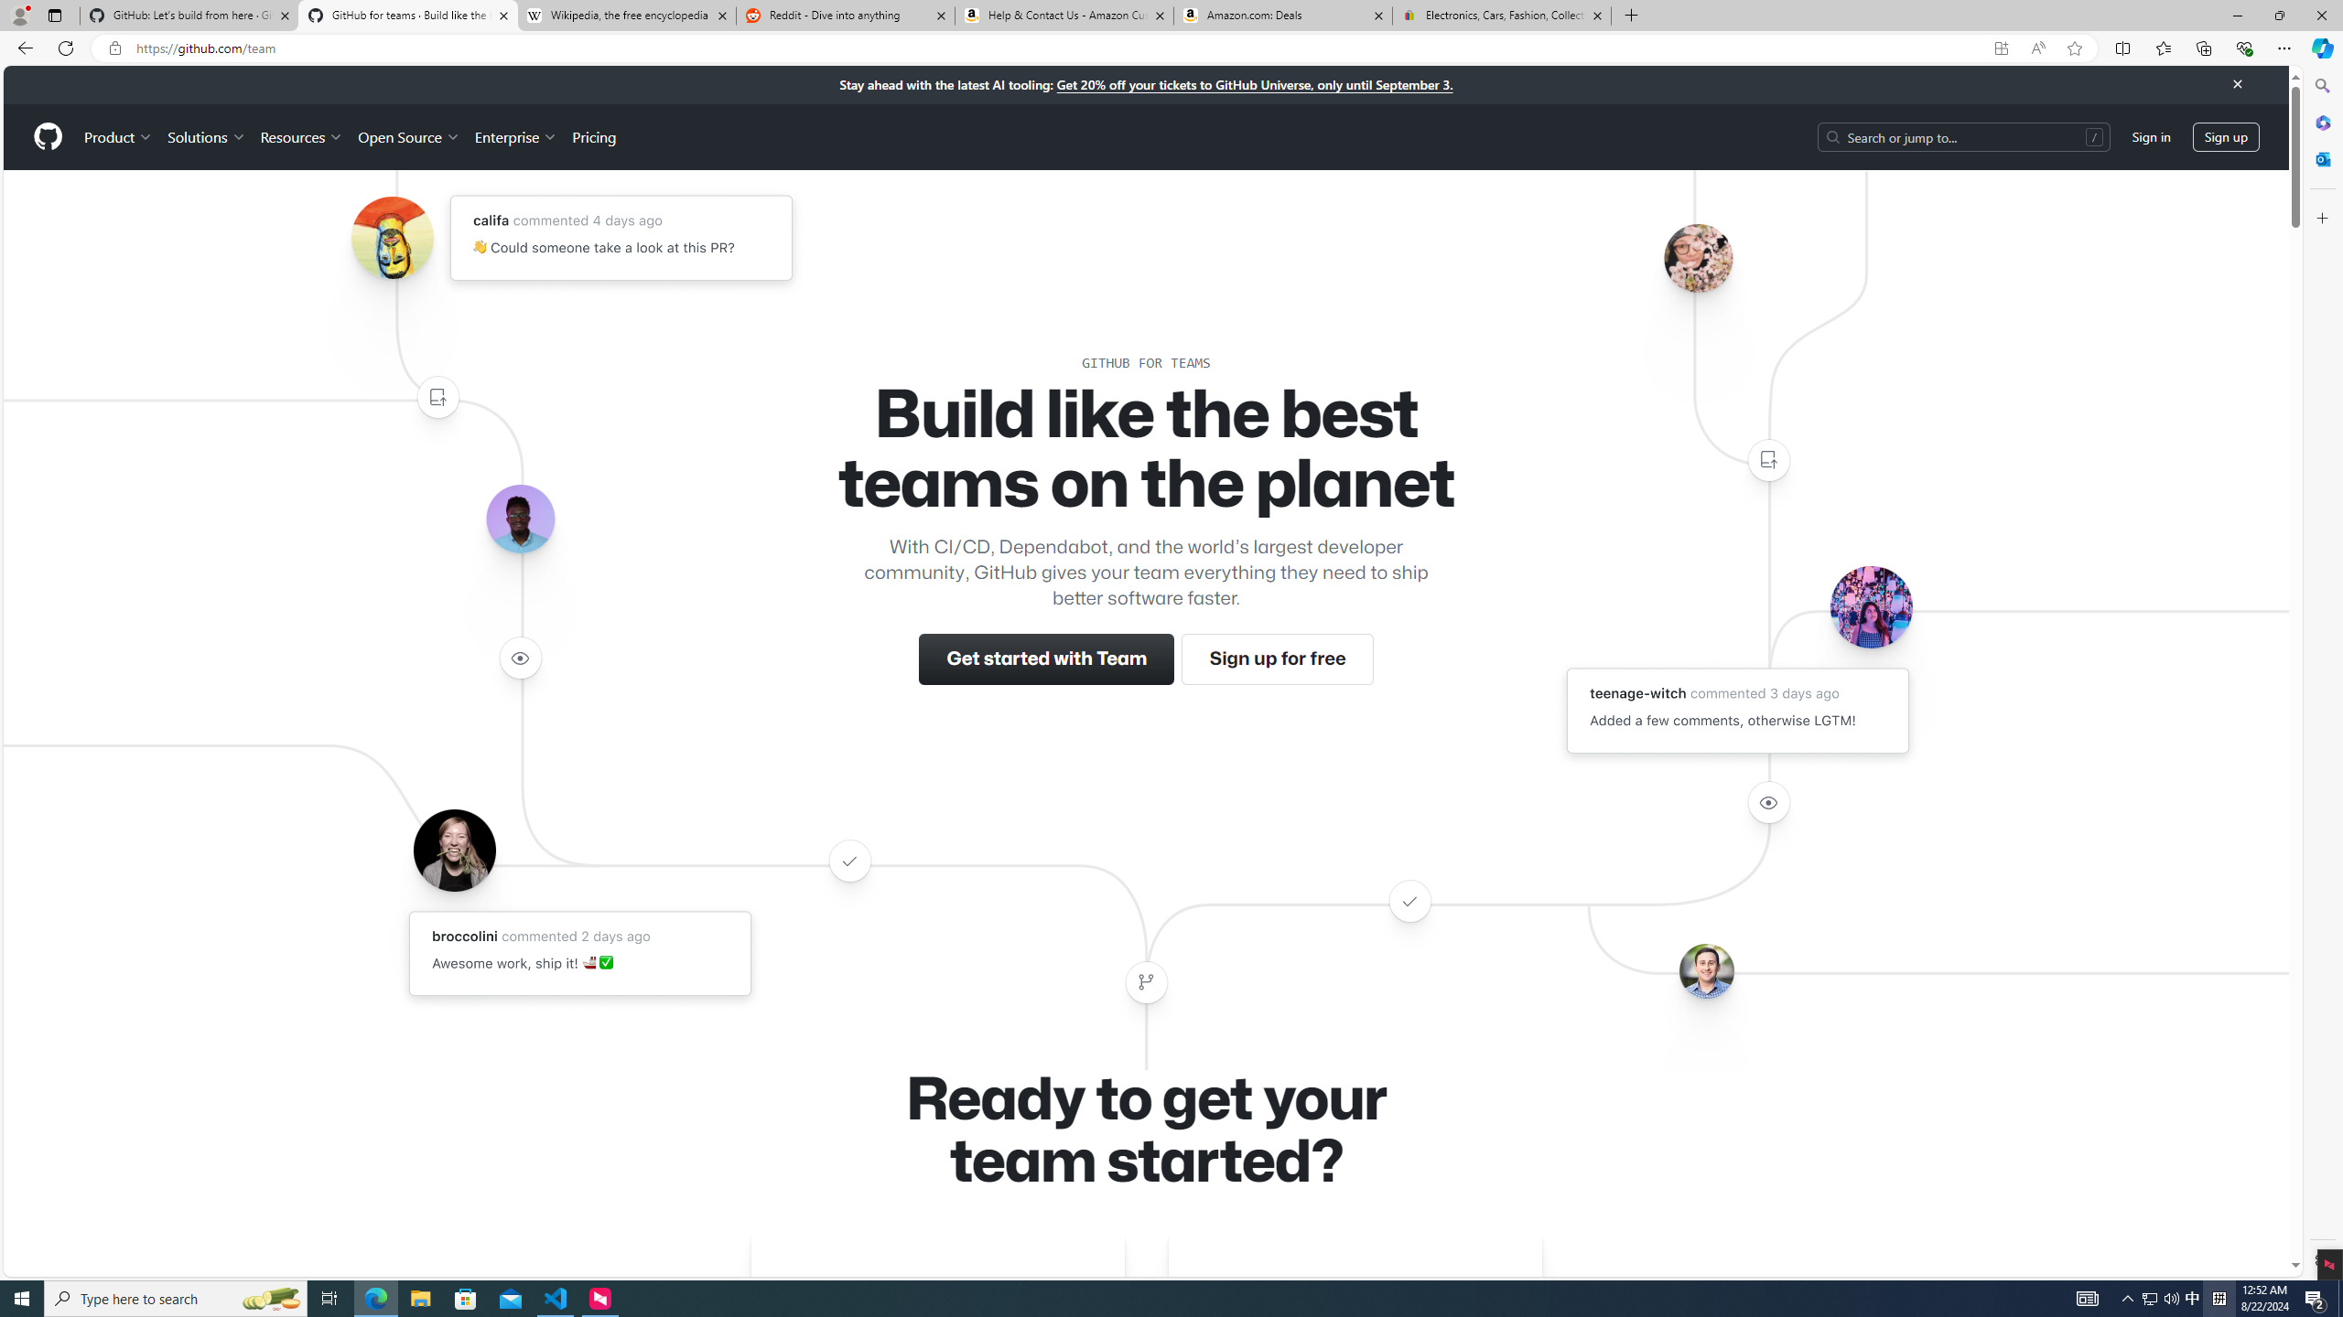  What do you see at coordinates (1283, 15) in the screenshot?
I see `'Amazon.com: Deals'` at bounding box center [1283, 15].